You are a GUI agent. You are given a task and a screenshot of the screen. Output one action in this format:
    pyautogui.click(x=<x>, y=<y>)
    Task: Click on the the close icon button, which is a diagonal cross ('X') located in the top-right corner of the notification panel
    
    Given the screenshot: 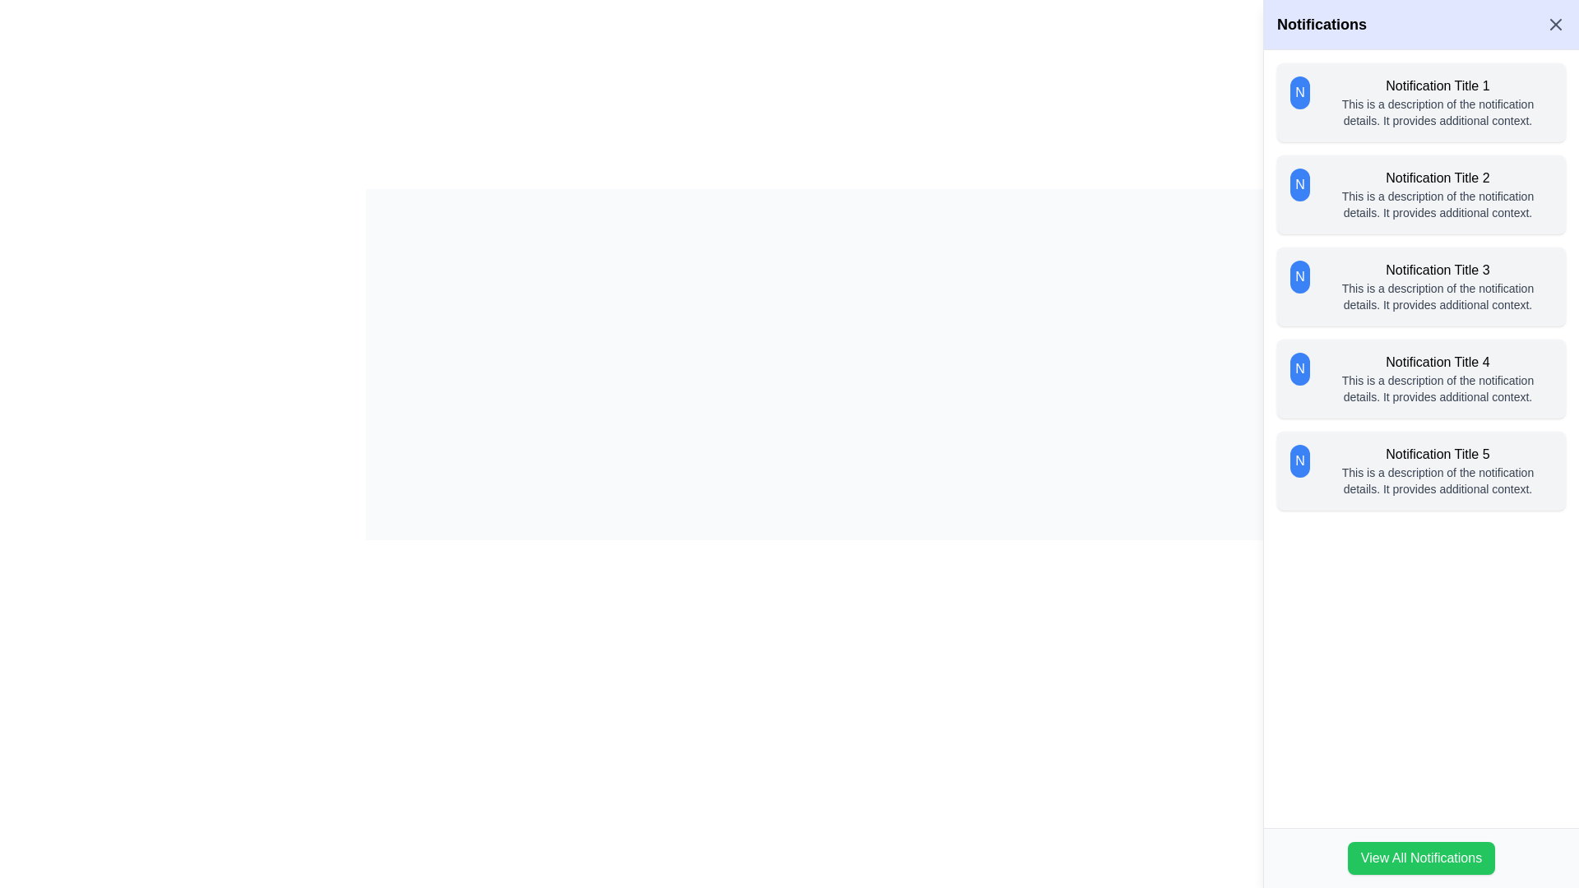 What is the action you would take?
    pyautogui.click(x=1554, y=25)
    